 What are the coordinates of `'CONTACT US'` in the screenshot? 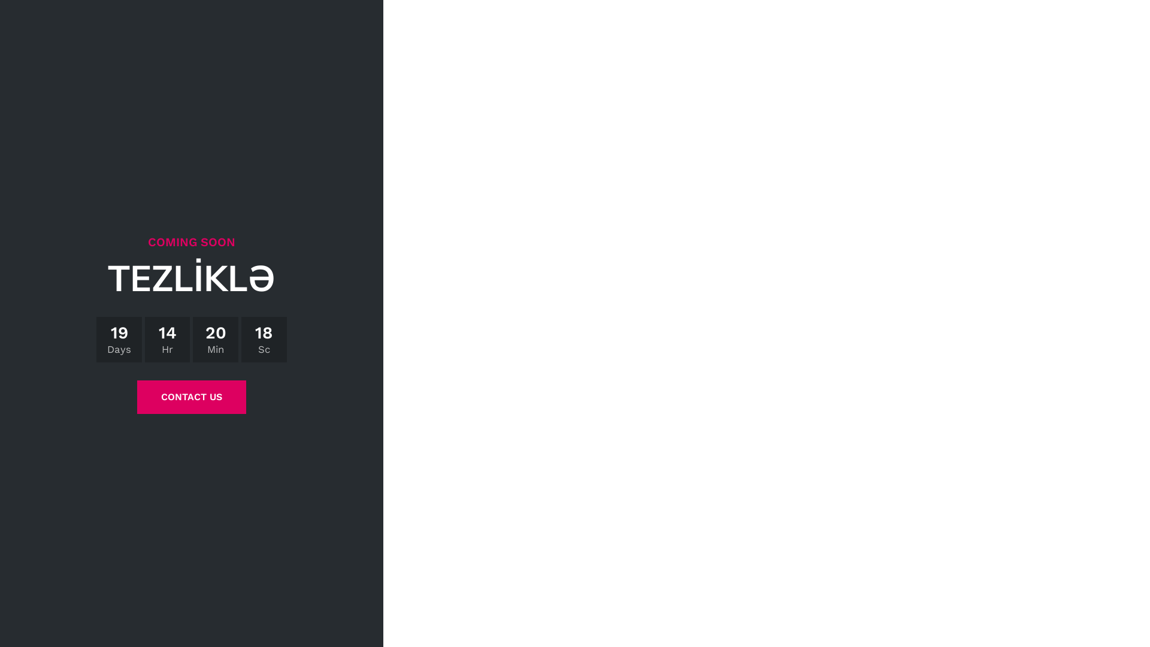 It's located at (192, 397).